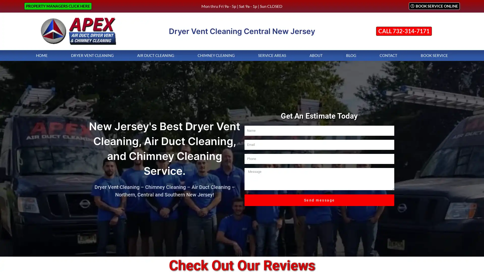  I want to click on CALL 732-314-7171, so click(404, 31).